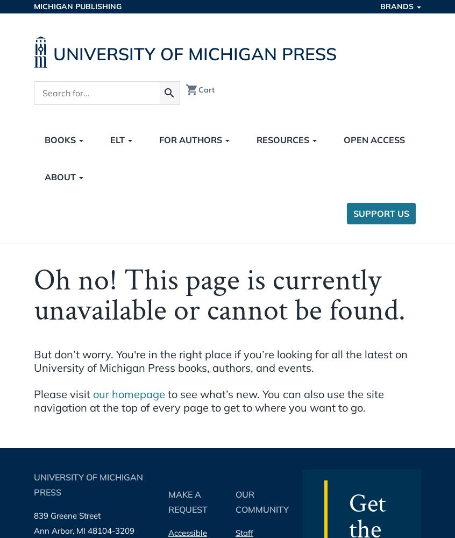 The width and height of the screenshot is (455, 538). What do you see at coordinates (283, 140) in the screenshot?
I see `'Resources'` at bounding box center [283, 140].